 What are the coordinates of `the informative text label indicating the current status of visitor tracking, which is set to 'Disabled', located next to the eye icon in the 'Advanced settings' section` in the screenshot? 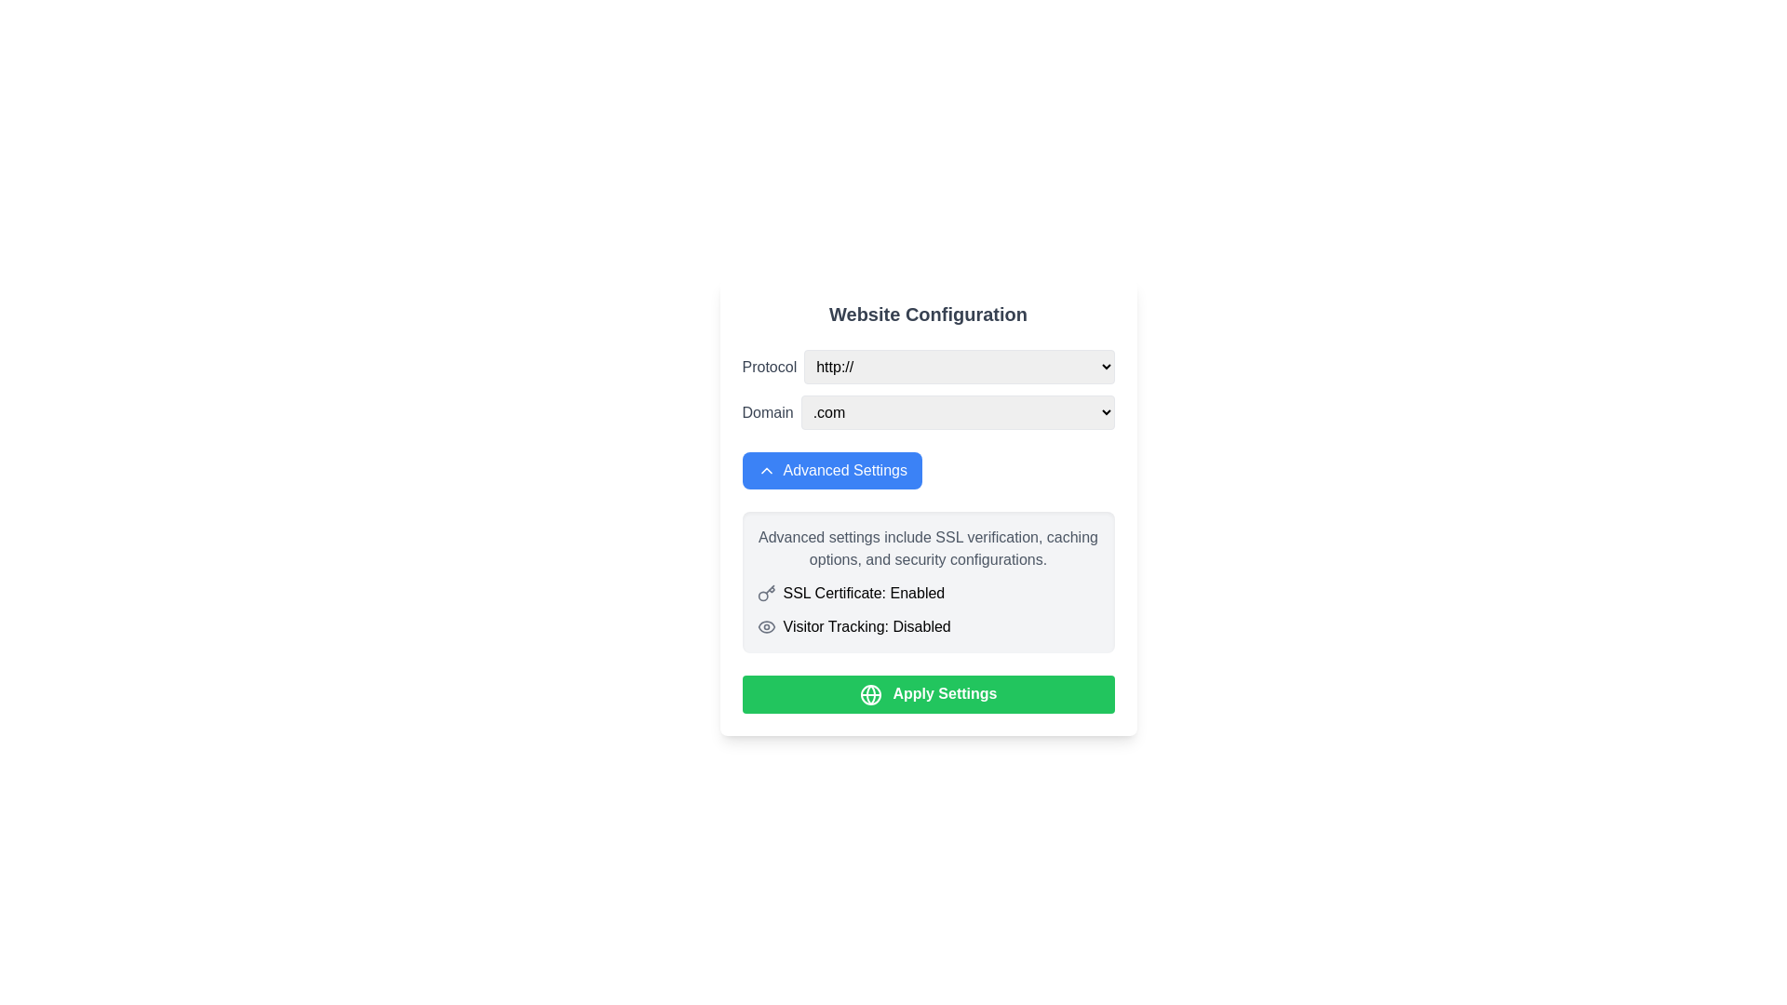 It's located at (866, 627).